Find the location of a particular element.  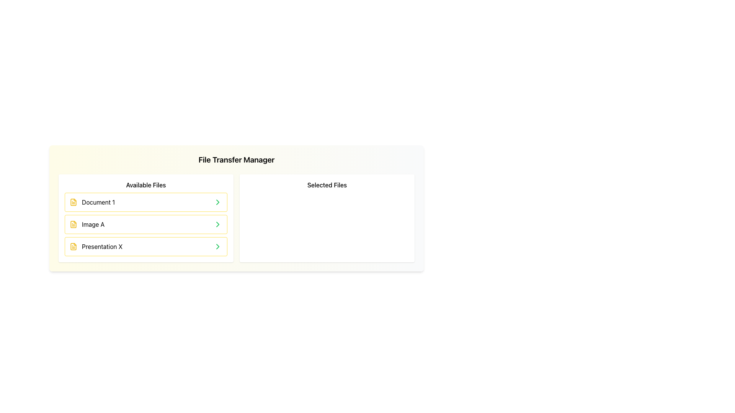

text label 'Document 1' located next to the document icon in the 'Available Files' panel is located at coordinates (98, 202).